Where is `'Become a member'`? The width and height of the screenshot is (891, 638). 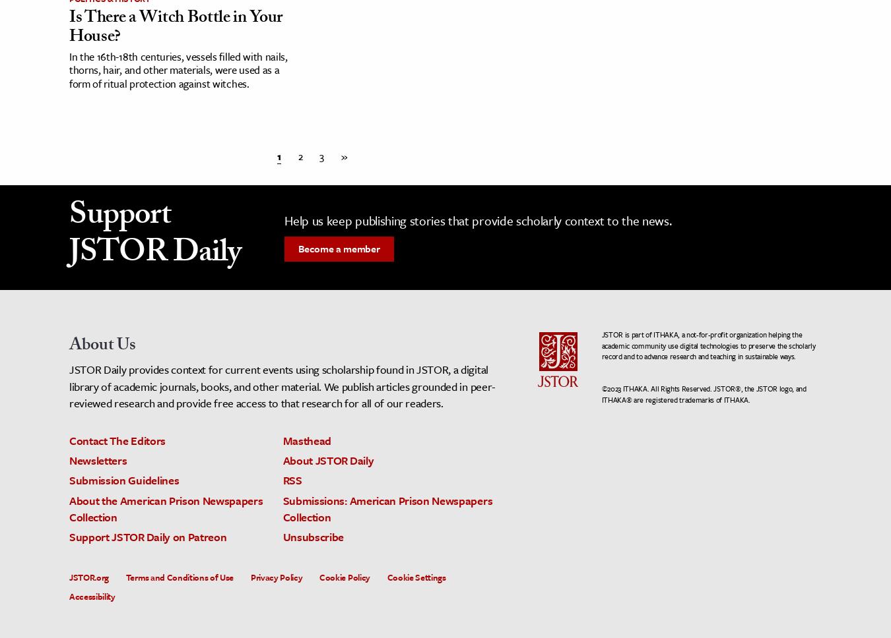 'Become a member' is located at coordinates (338, 248).